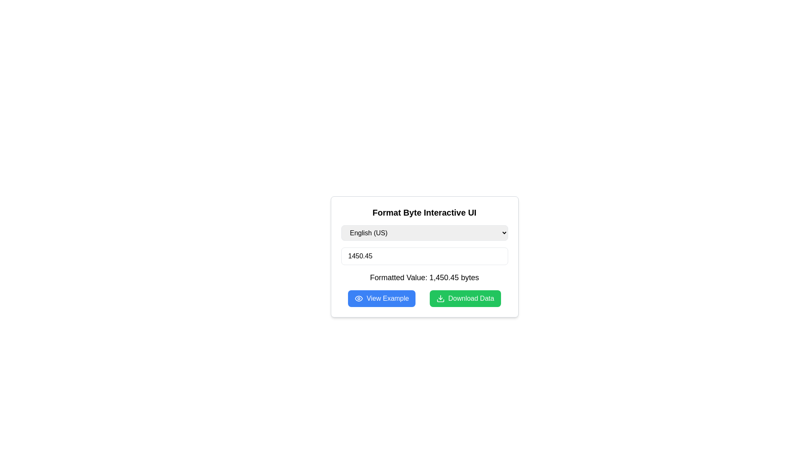 The height and width of the screenshot is (453, 805). I want to click on the first button located to the left of the 'Download Data' button, so click(381, 298).